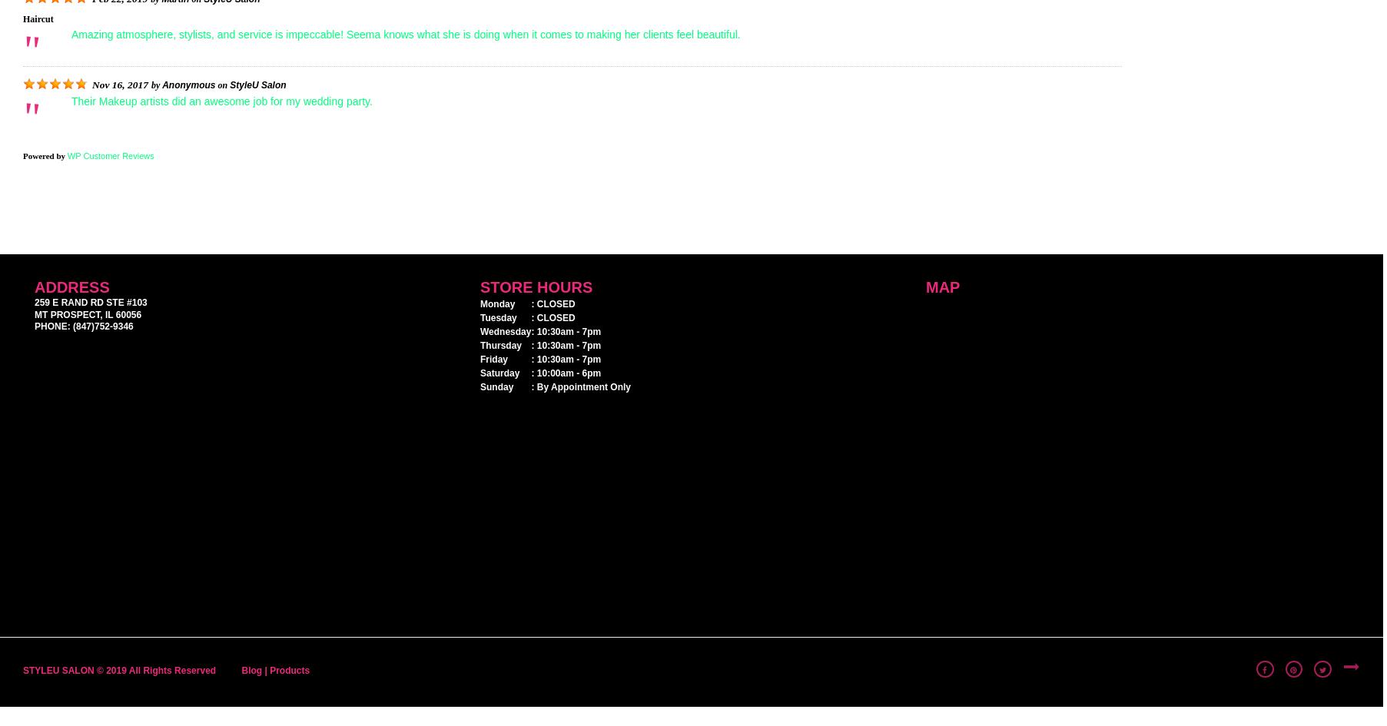 The width and height of the screenshot is (1387, 726). I want to click on 'Map', so click(942, 285).